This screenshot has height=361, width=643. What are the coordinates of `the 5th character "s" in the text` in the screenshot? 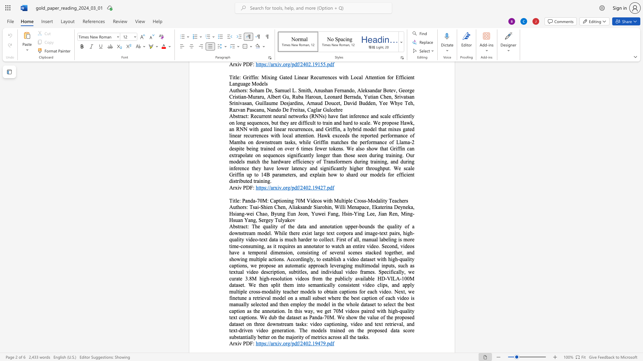 It's located at (282, 239).